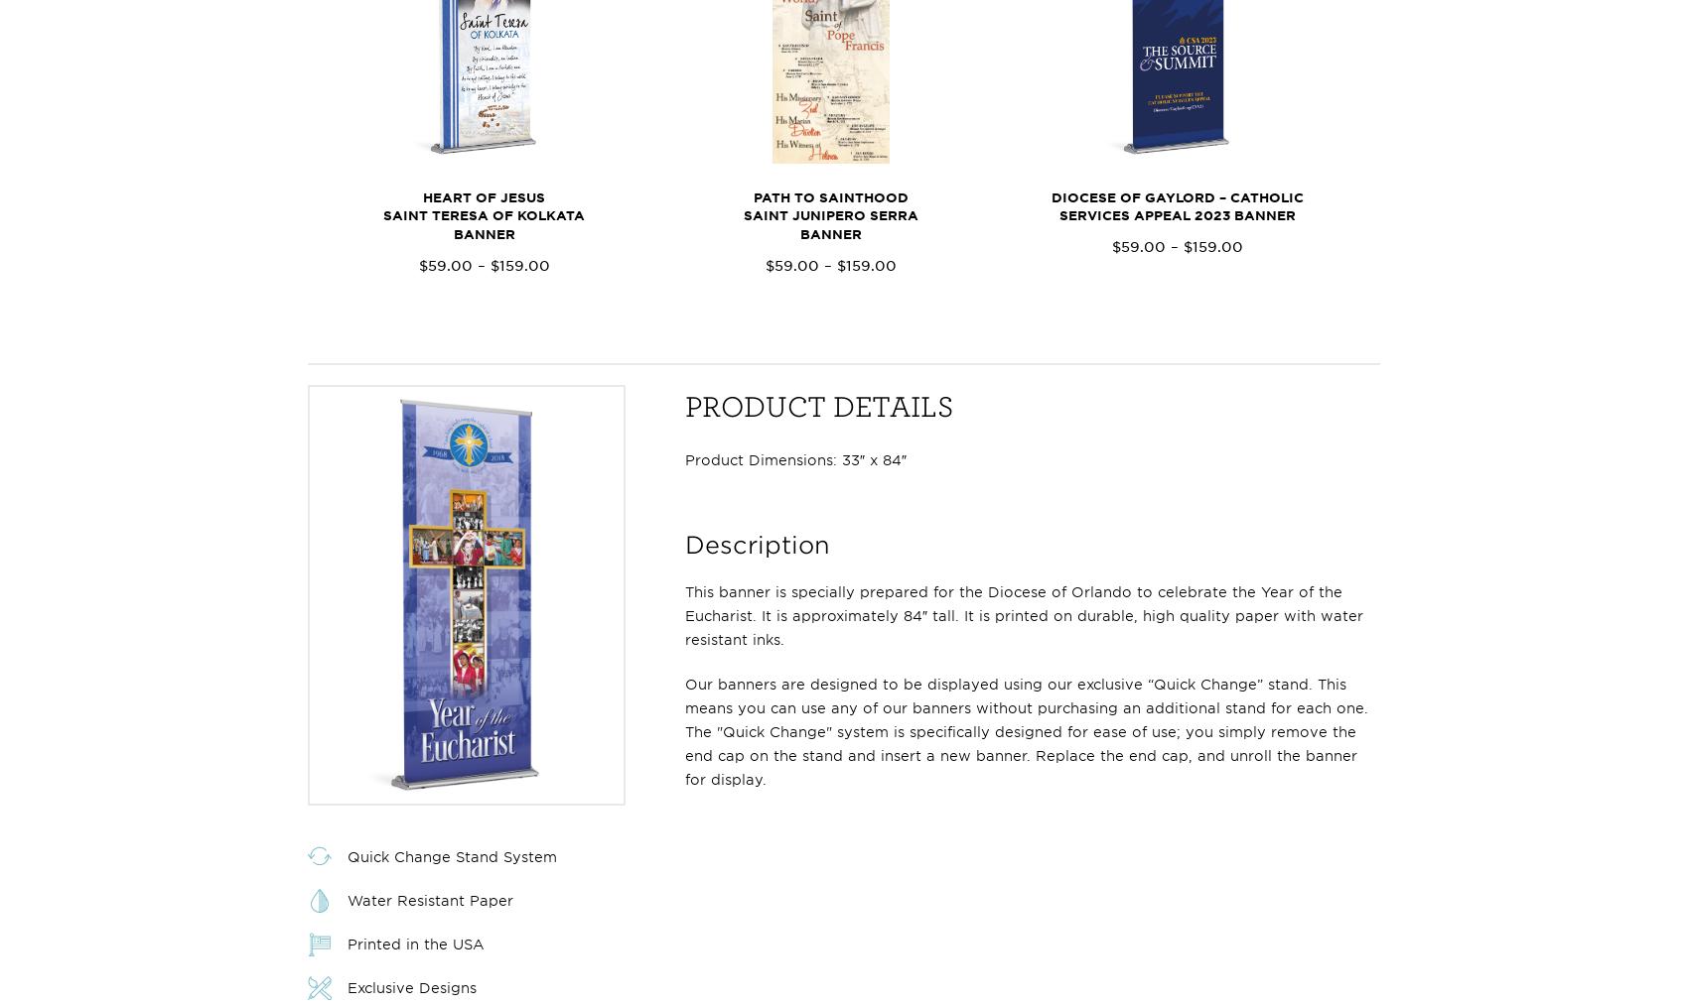  I want to click on 'Product Dimensions: 33″ x 84″', so click(794, 458).